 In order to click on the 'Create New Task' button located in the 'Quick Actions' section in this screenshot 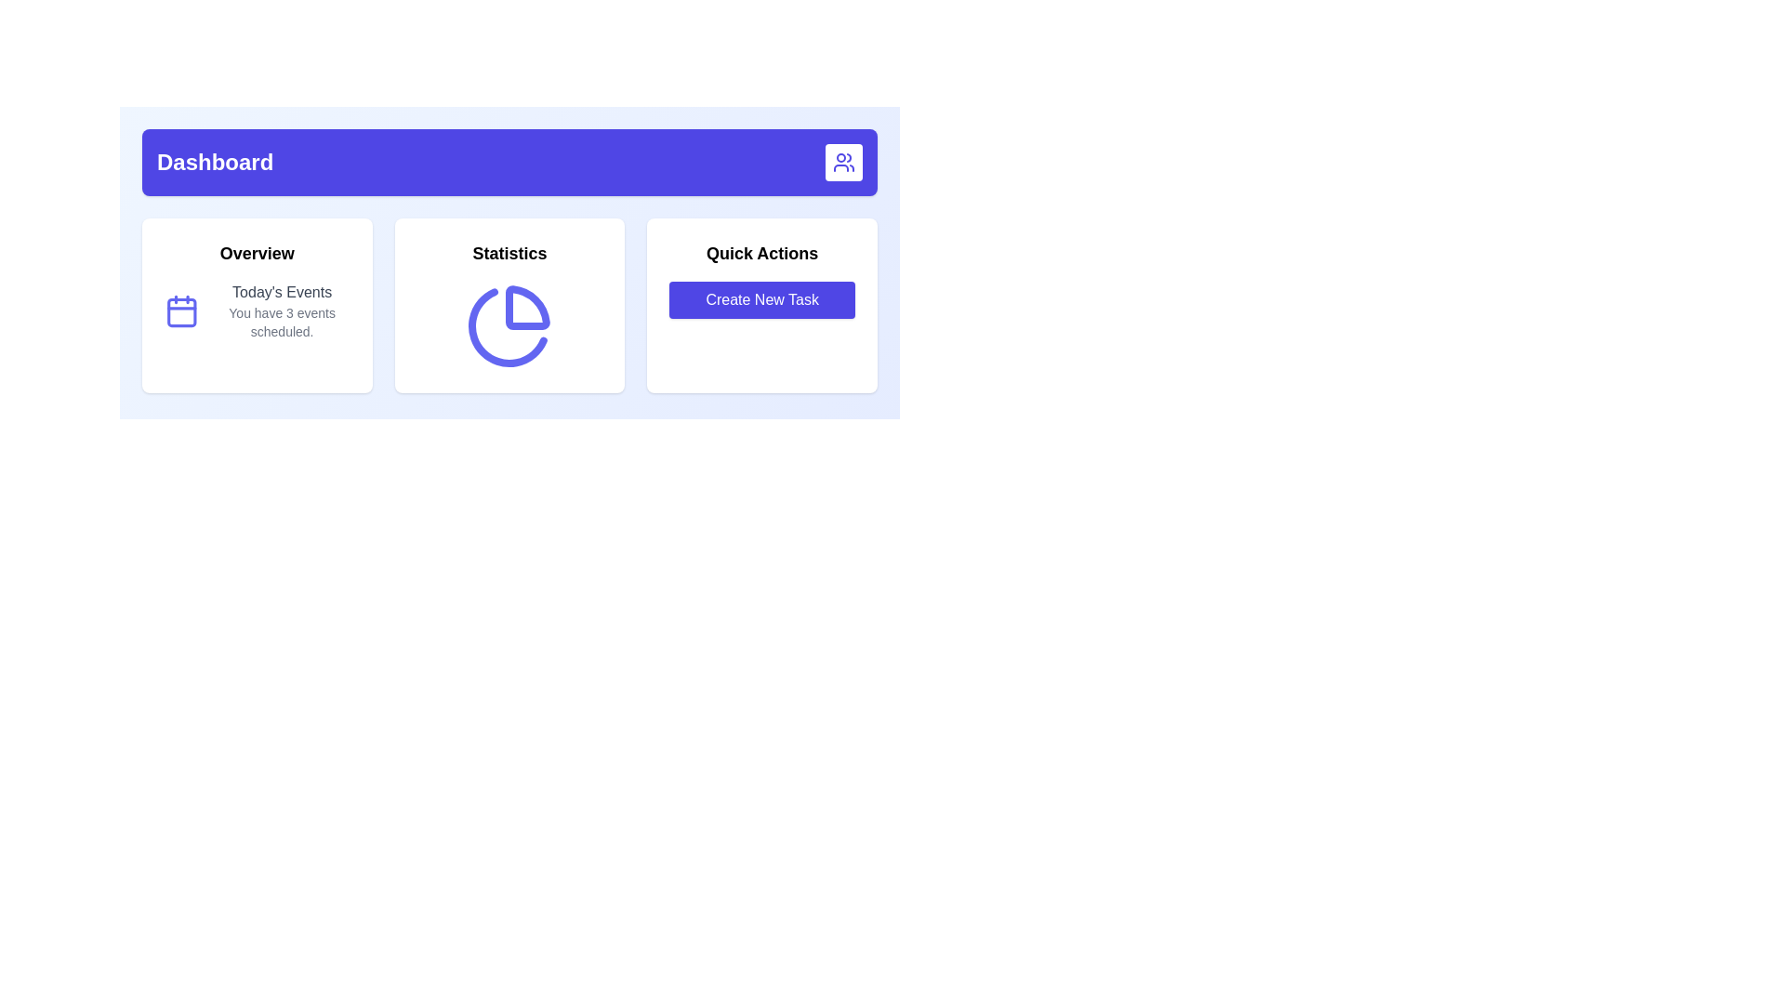, I will do `click(762, 299)`.